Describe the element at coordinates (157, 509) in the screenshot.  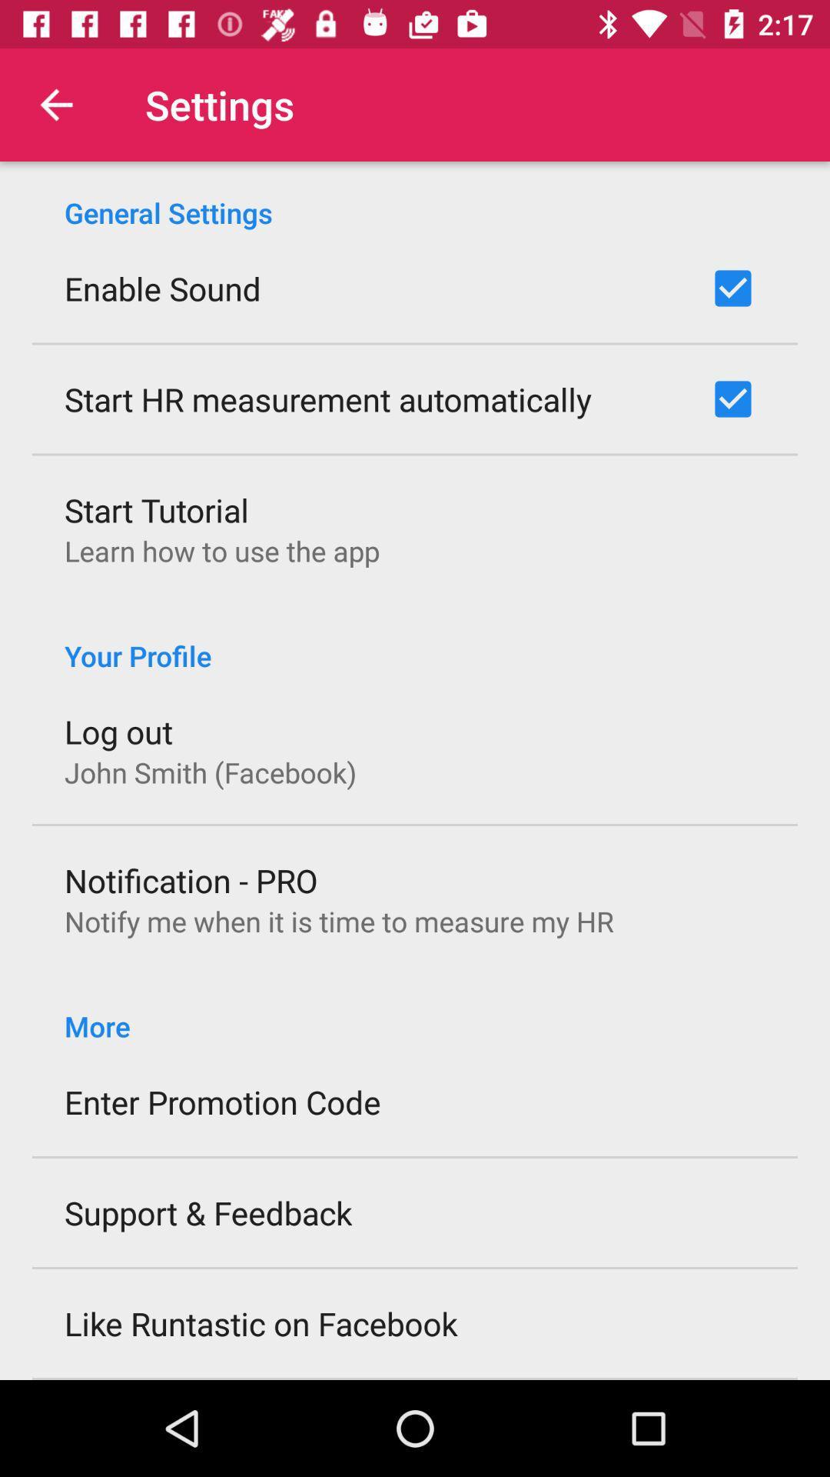
I see `icon above the learn how to item` at that location.